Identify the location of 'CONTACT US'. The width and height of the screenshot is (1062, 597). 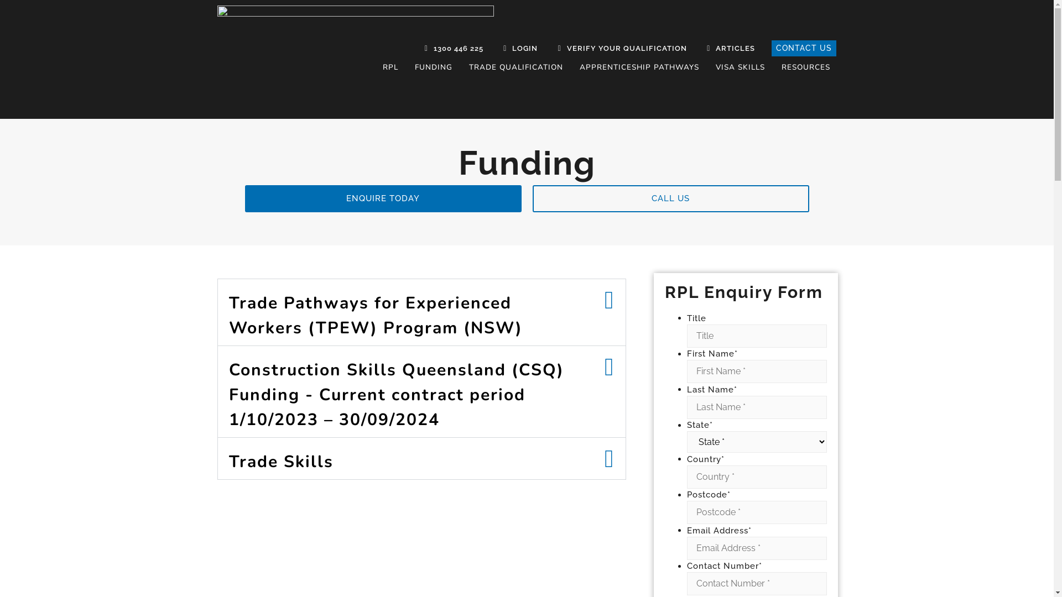
(804, 48).